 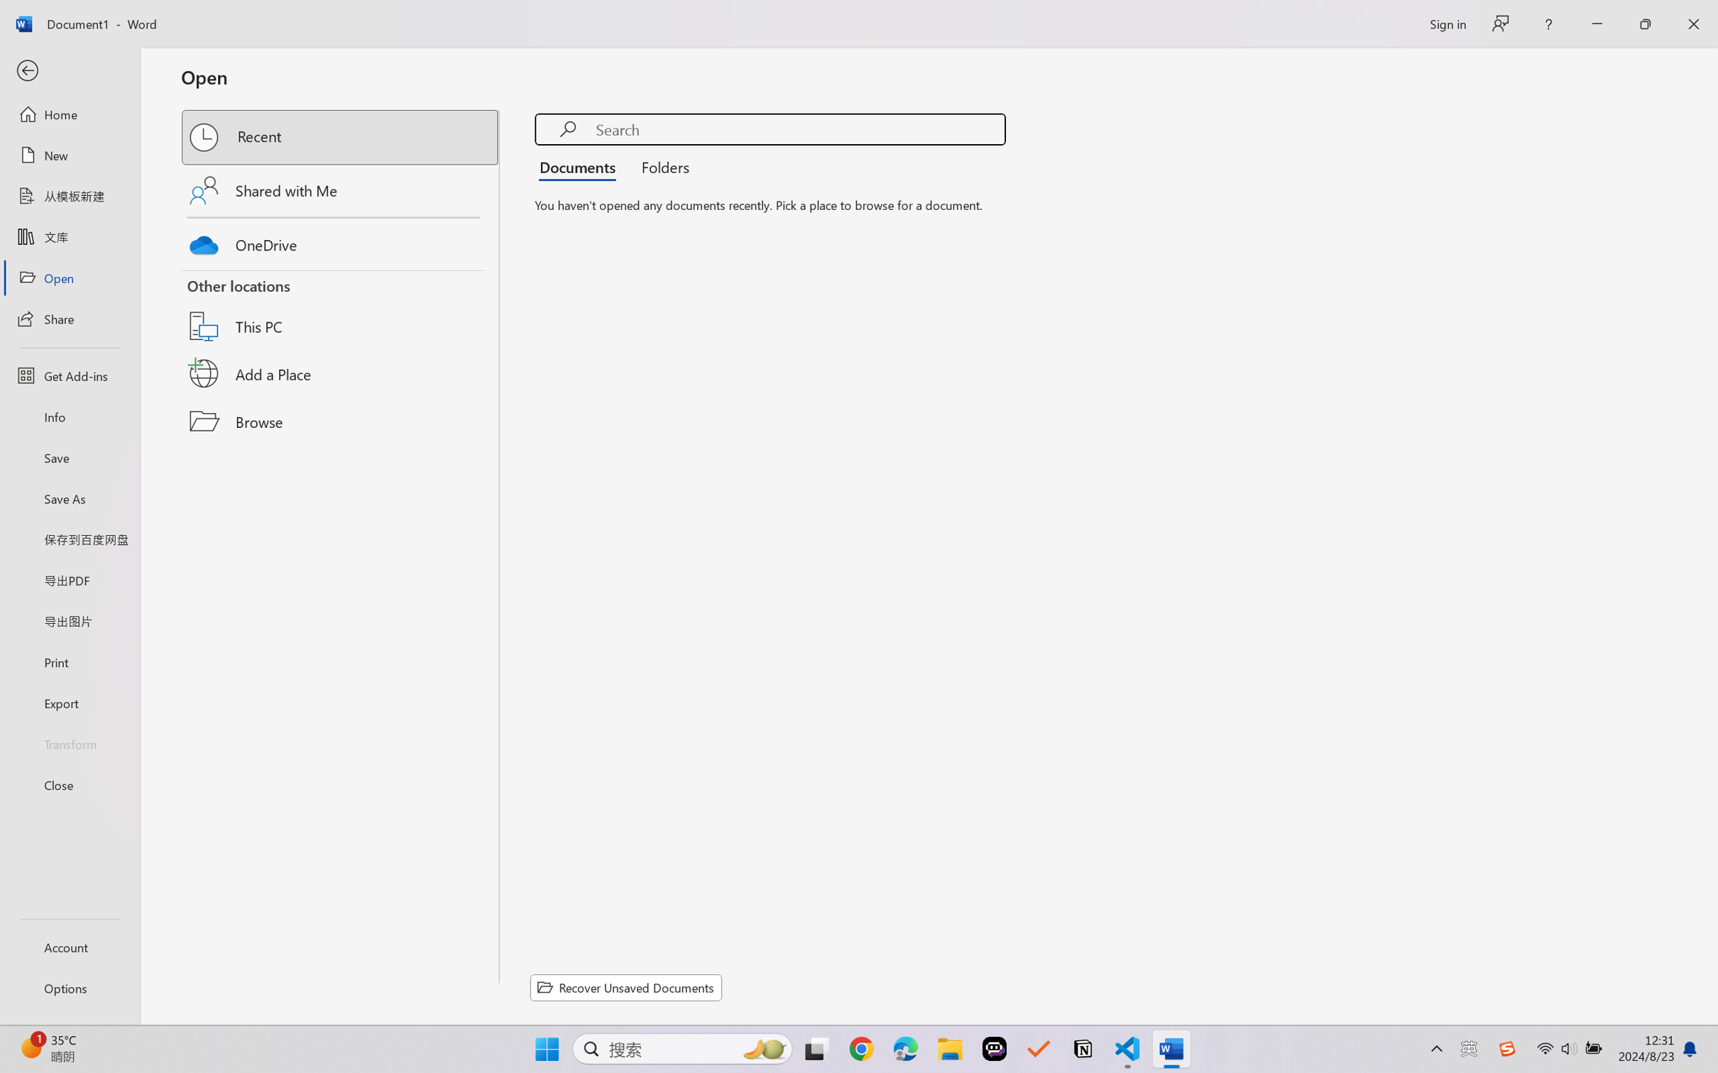 What do you see at coordinates (341, 189) in the screenshot?
I see `'Shared with Me'` at bounding box center [341, 189].